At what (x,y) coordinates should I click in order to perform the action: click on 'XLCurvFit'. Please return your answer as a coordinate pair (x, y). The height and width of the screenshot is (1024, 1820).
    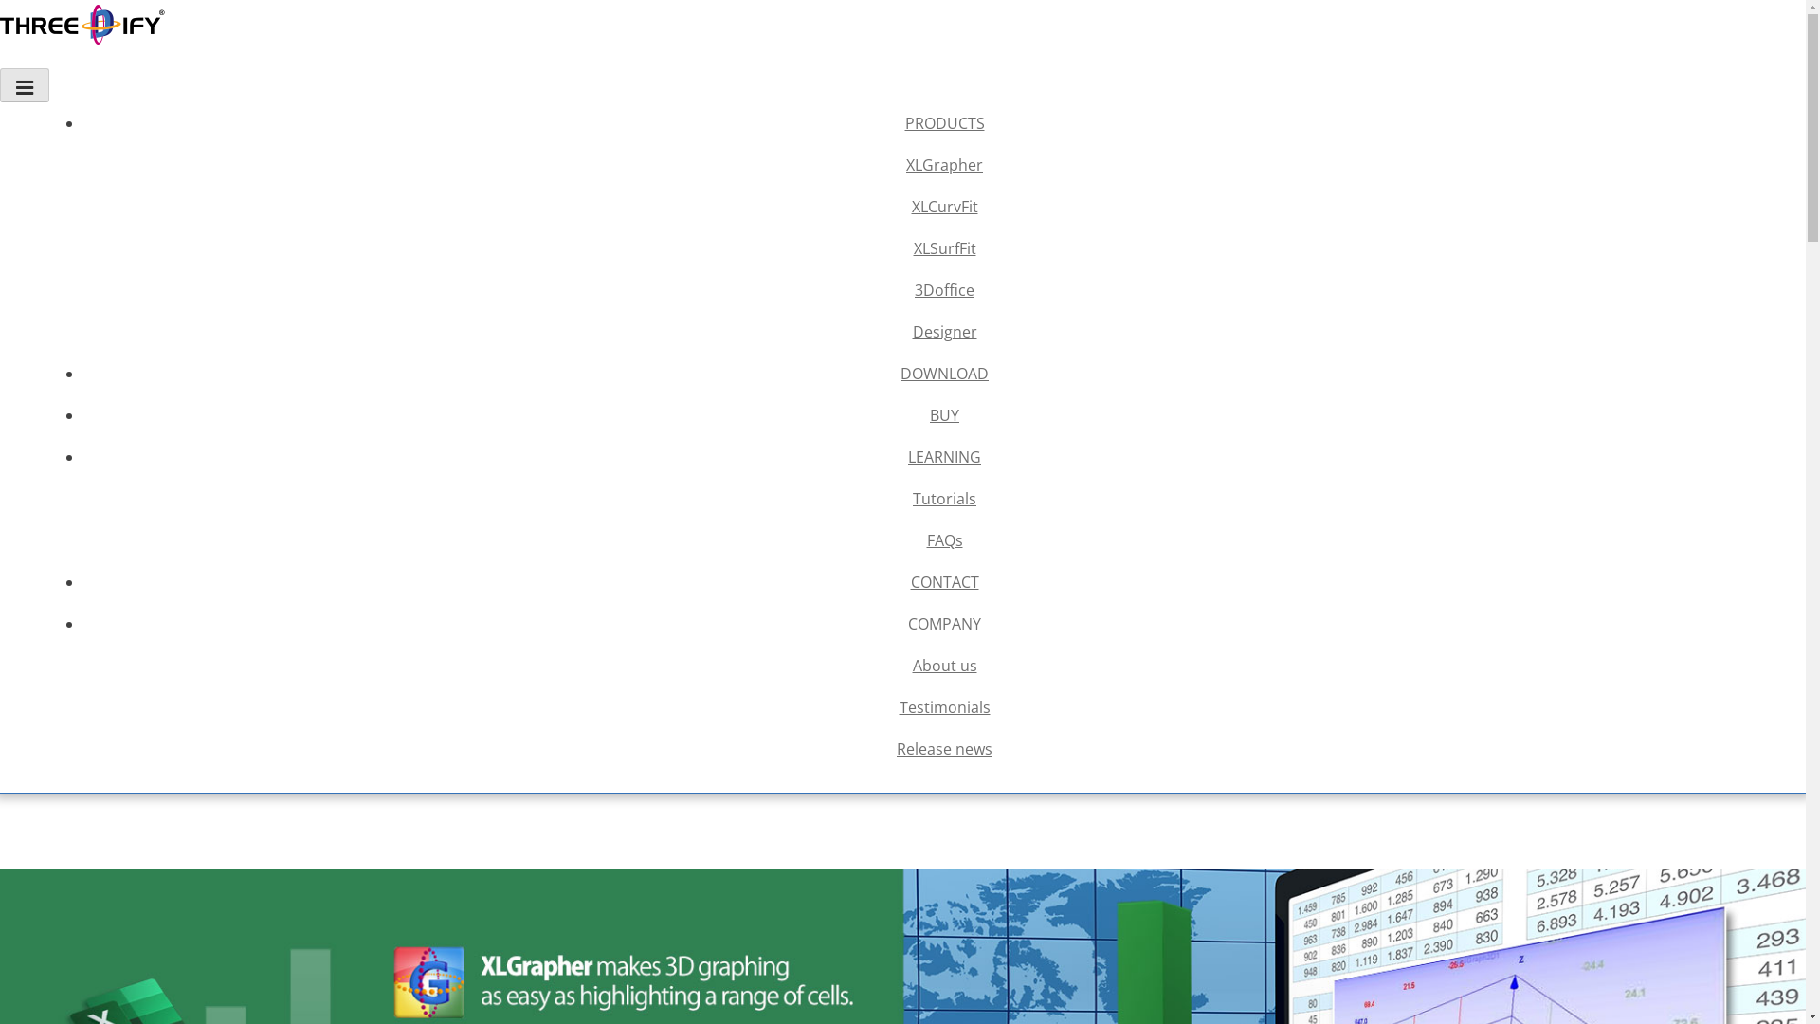
    Looking at the image, I should click on (944, 207).